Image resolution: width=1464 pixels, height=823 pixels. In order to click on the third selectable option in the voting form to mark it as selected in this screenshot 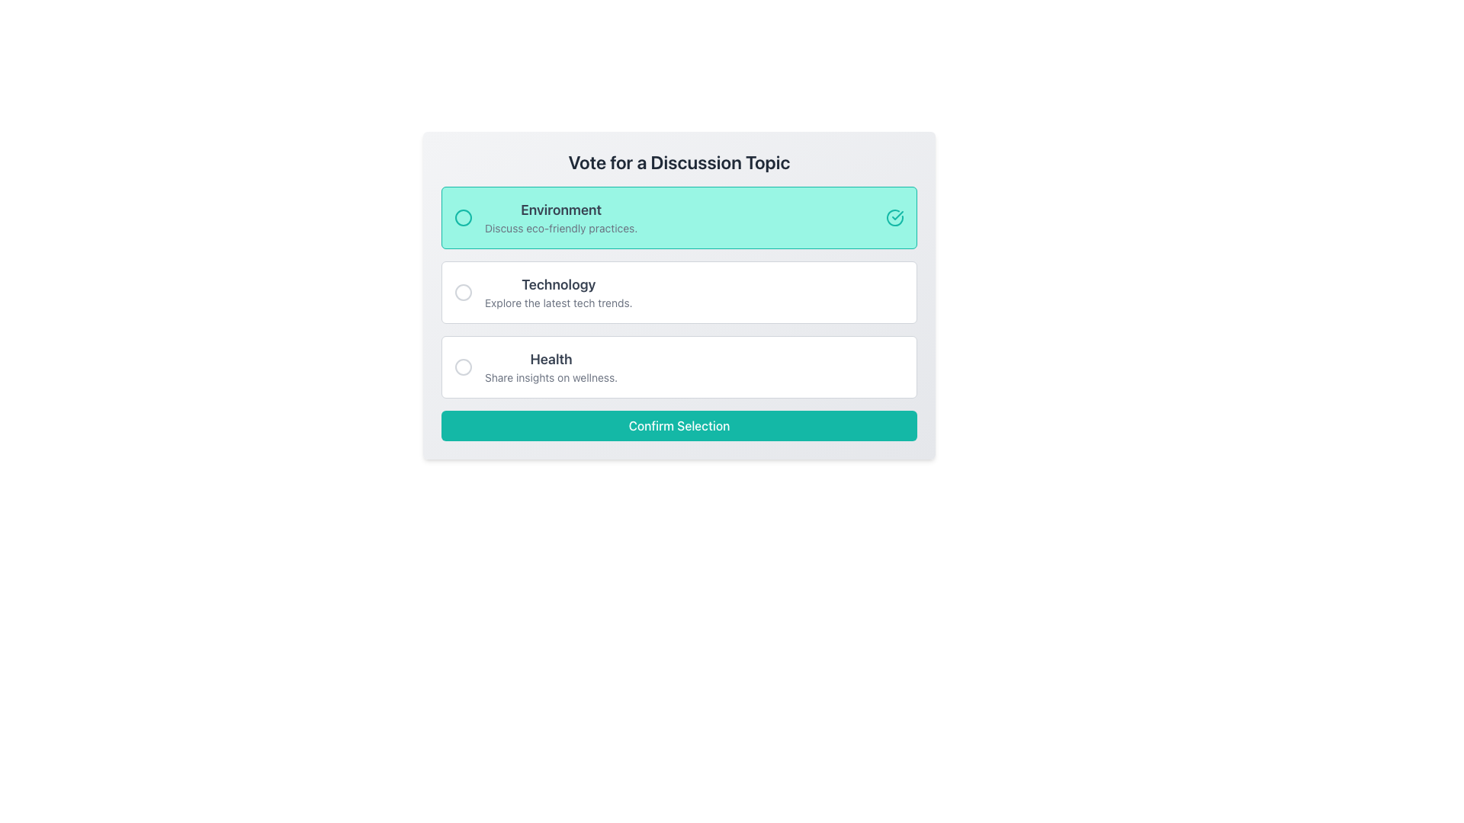, I will do `click(536, 367)`.